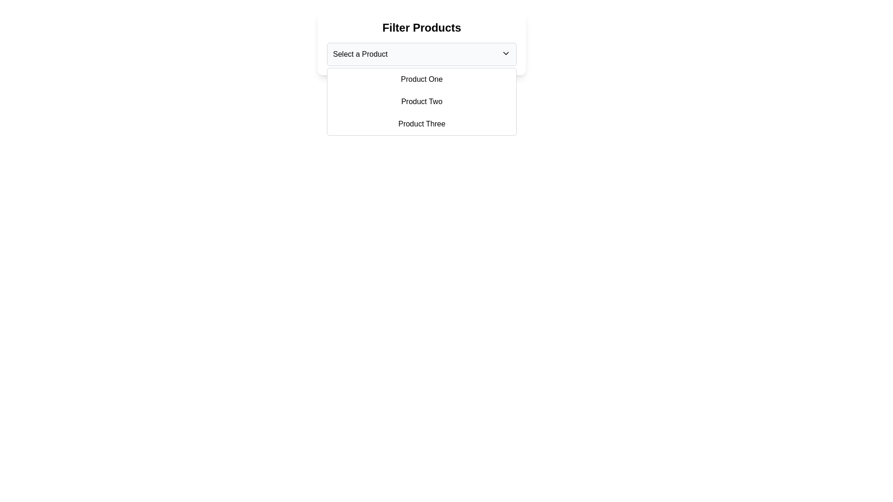 The width and height of the screenshot is (893, 502). Describe the element at coordinates (506, 53) in the screenshot. I see `the Dropdown indicator icon at the far-right edge of the 'Select a Product' field to infer its dropdown functionality` at that location.